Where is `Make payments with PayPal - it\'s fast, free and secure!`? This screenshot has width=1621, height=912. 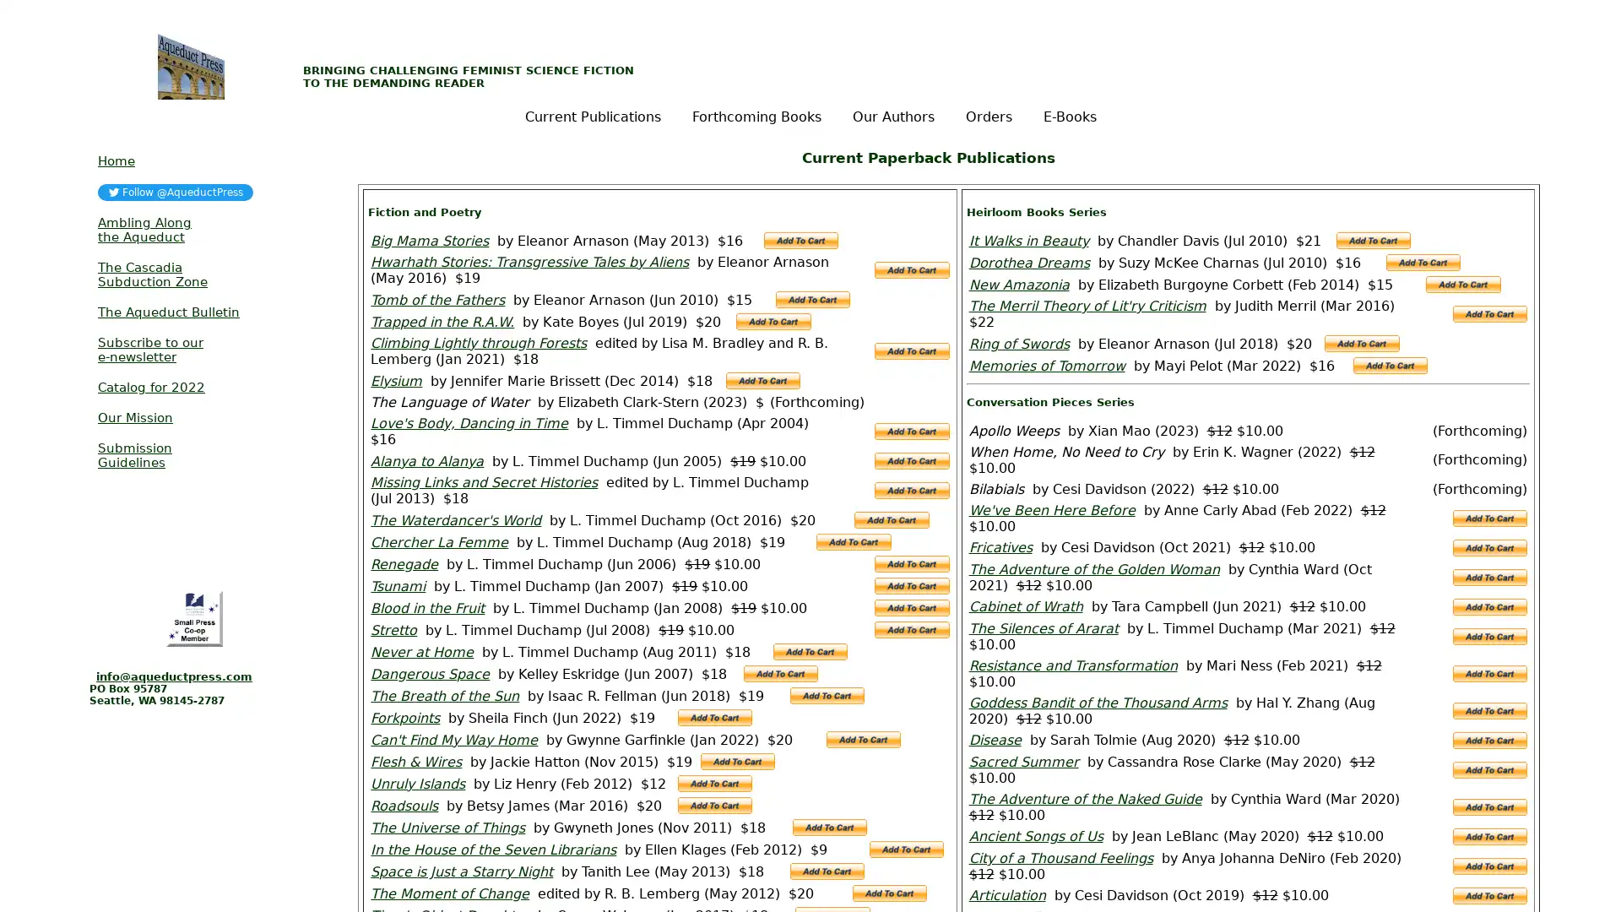
Make payments with PayPal - it\'s fast, free and secure! is located at coordinates (713, 717).